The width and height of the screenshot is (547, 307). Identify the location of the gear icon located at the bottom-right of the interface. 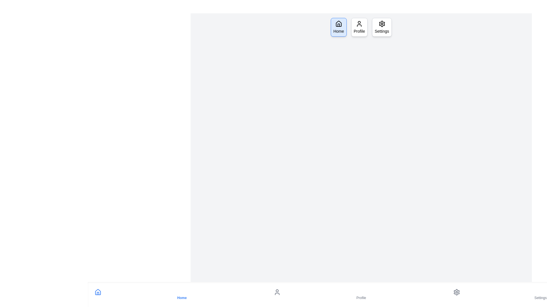
(456, 292).